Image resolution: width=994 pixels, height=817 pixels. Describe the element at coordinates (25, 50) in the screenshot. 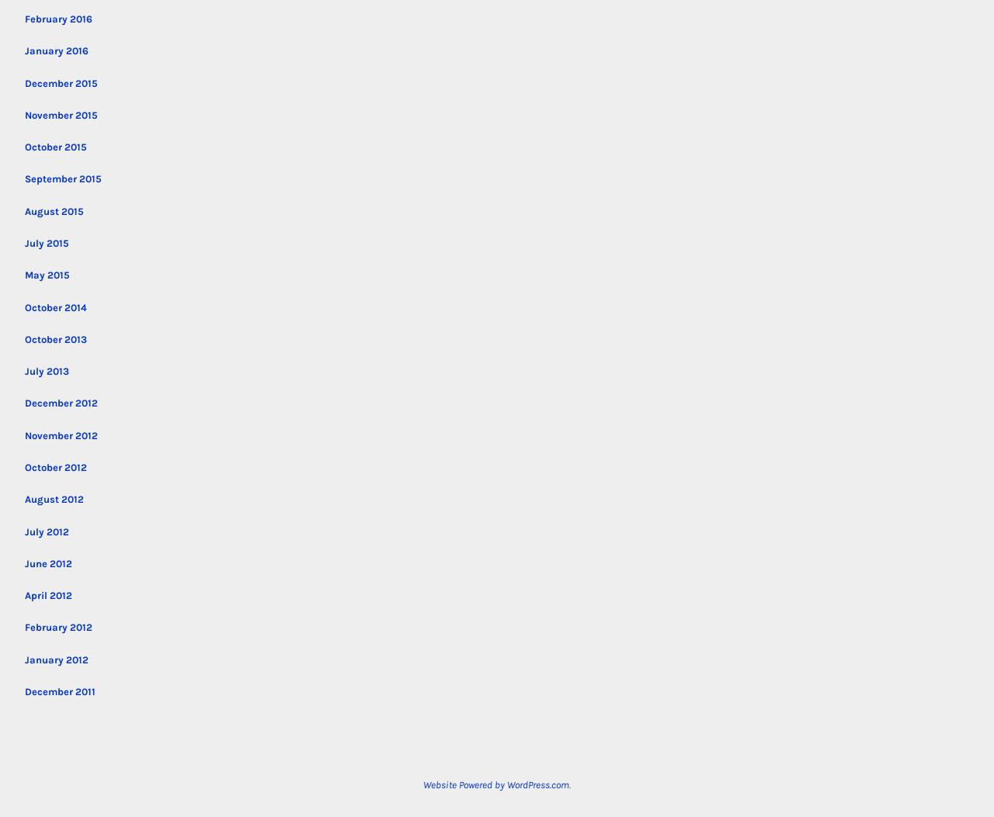

I see `'January 2016'` at that location.